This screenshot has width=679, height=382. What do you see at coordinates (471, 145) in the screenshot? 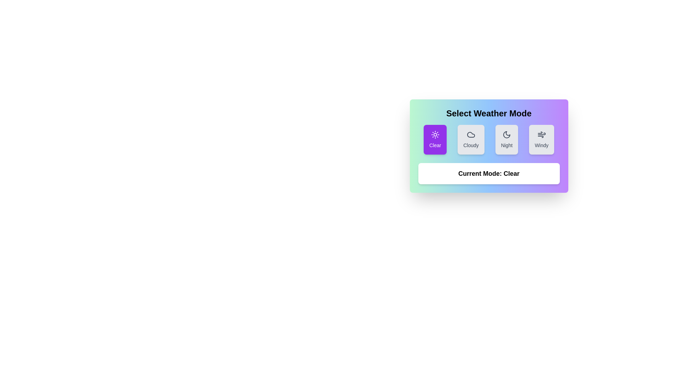
I see `the text label that describes the weather condition 'Cloudy,' which is centrally aligned in its box and positioned second among four weather conditions` at bounding box center [471, 145].